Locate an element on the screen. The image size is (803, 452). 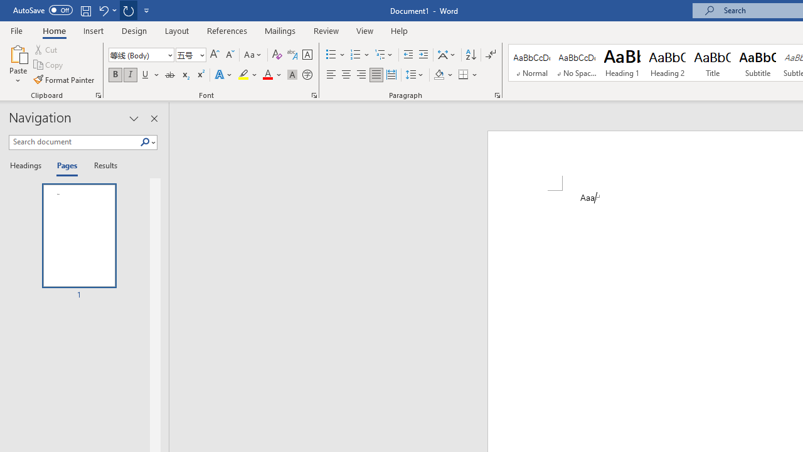
'Borders' is located at coordinates (467, 75).